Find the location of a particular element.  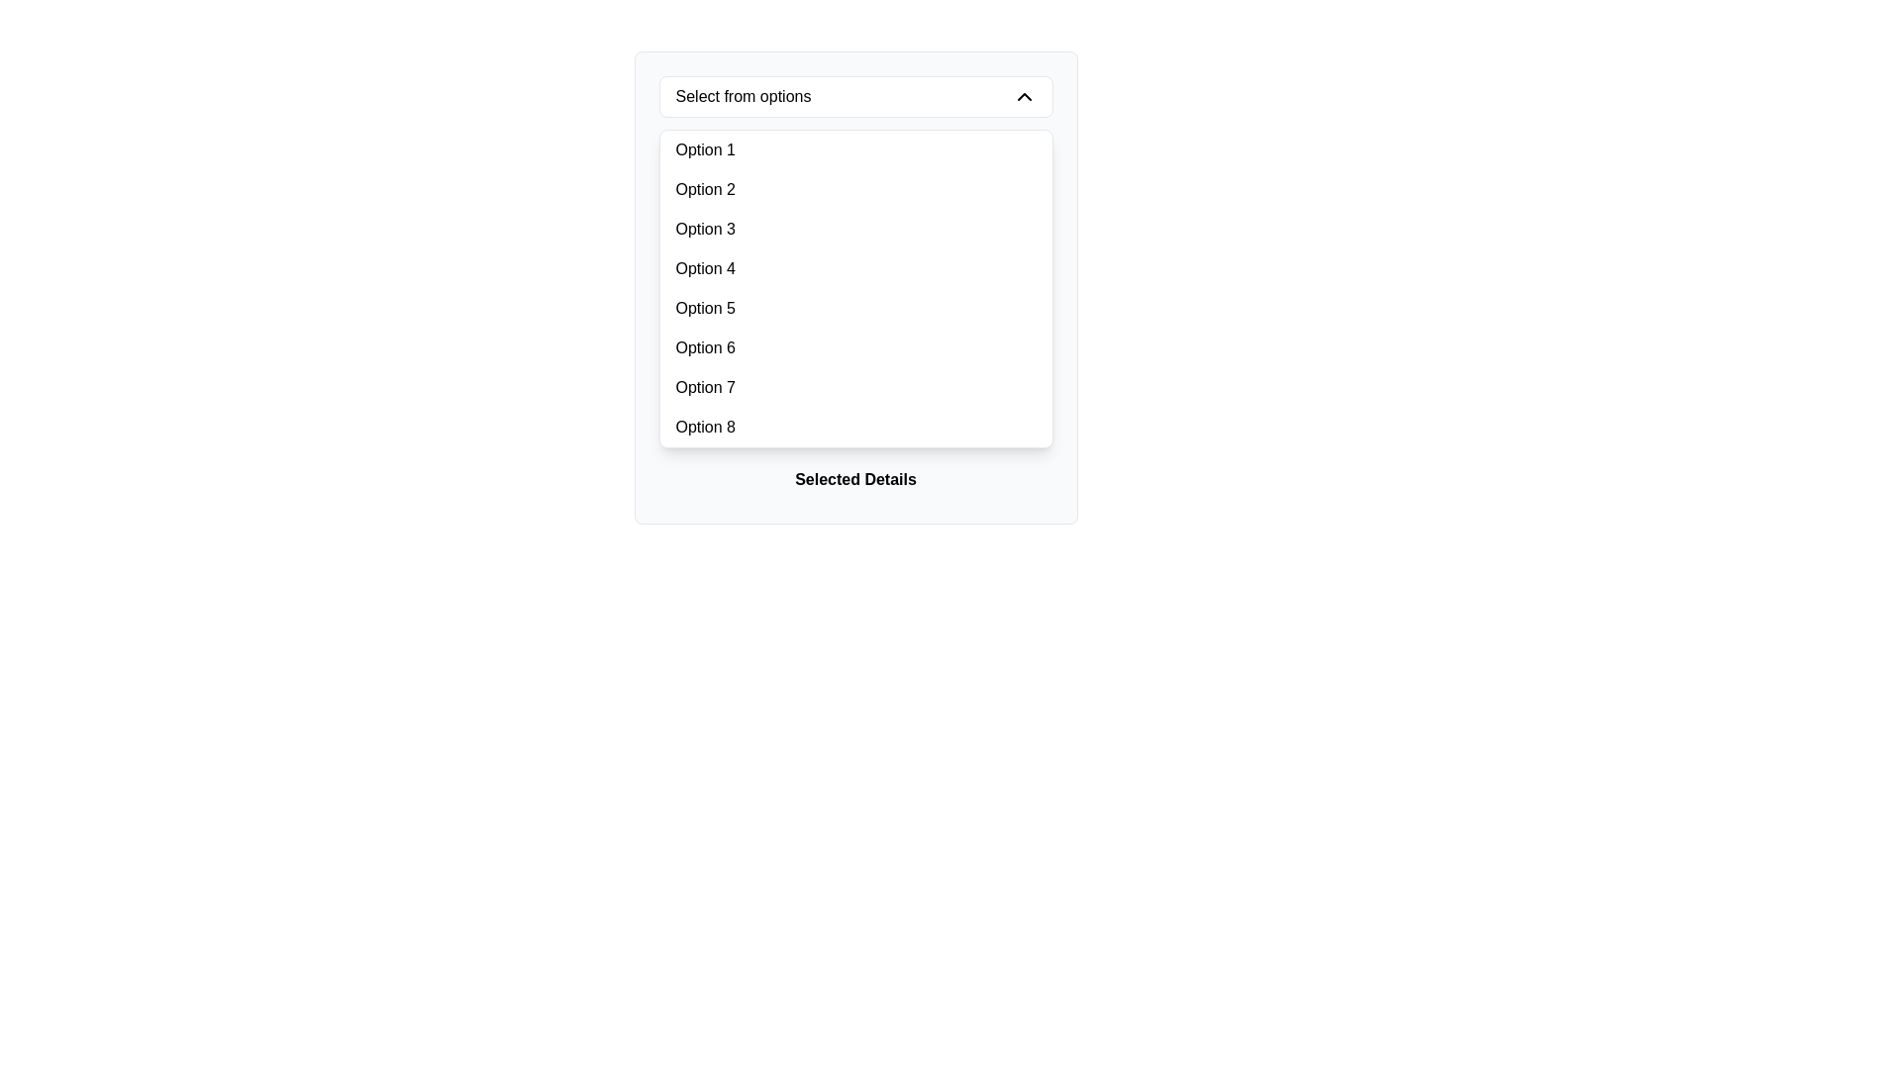

the text 'Option 6' in the dropdown menu is located at coordinates (705, 346).